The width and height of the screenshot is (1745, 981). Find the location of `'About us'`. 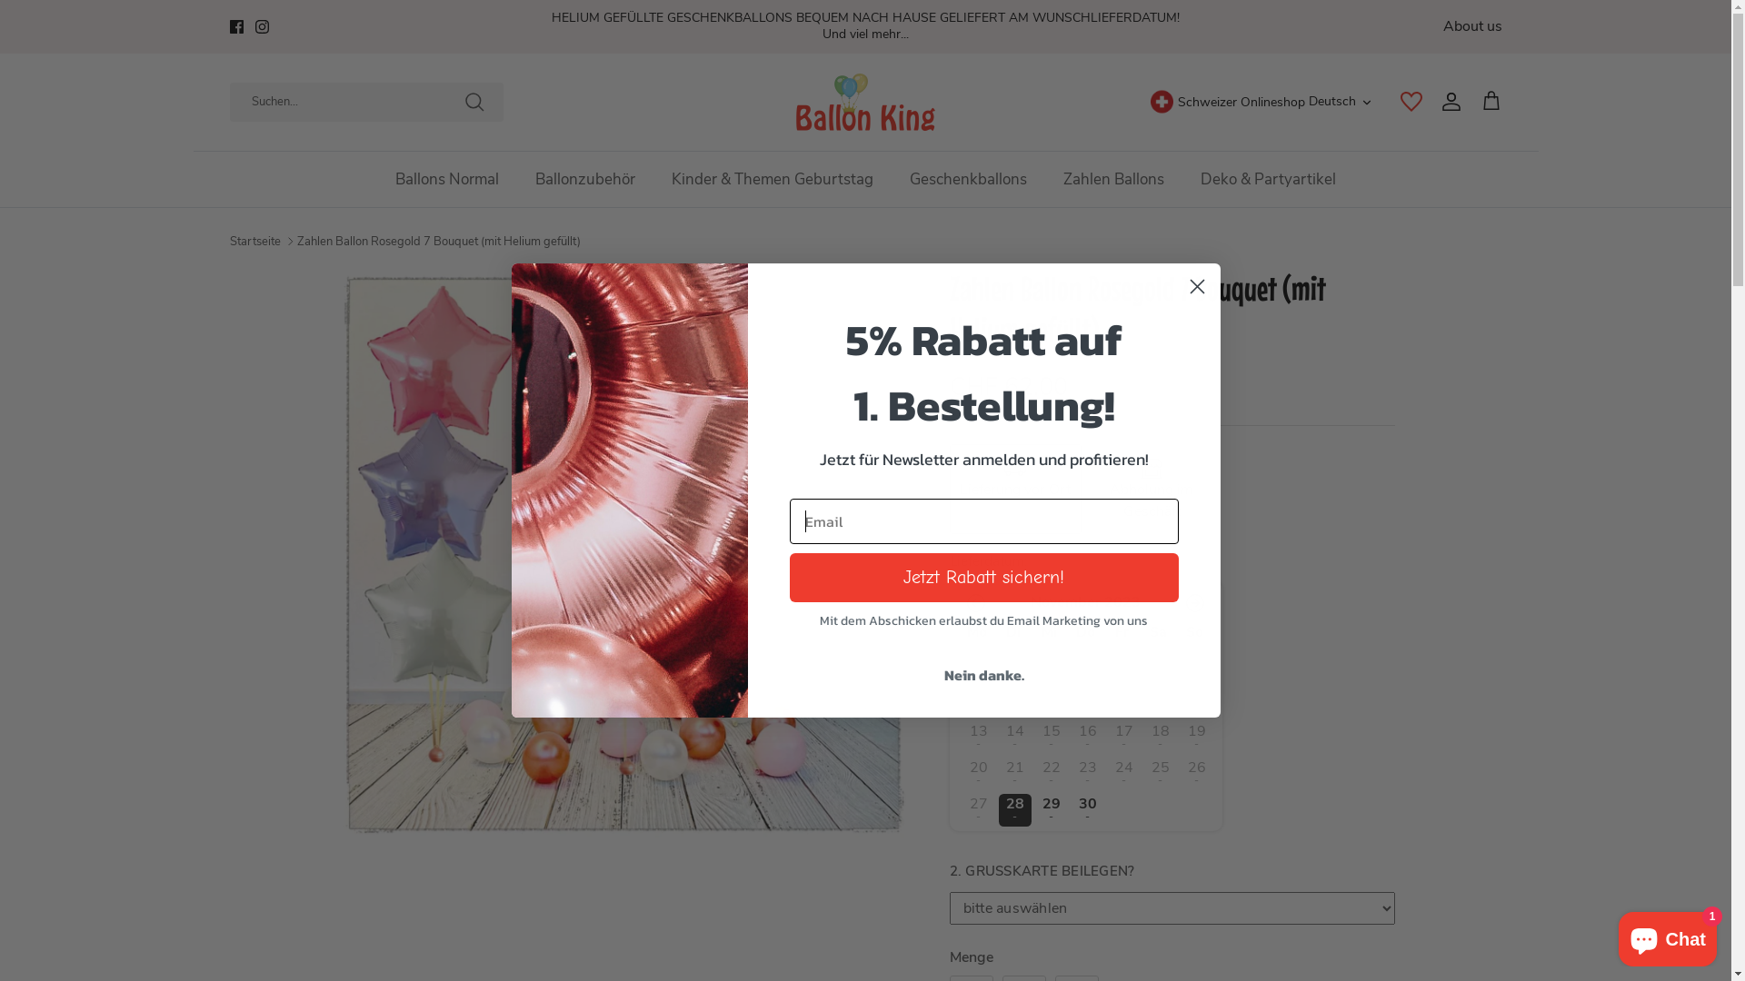

'About us' is located at coordinates (1472, 26).